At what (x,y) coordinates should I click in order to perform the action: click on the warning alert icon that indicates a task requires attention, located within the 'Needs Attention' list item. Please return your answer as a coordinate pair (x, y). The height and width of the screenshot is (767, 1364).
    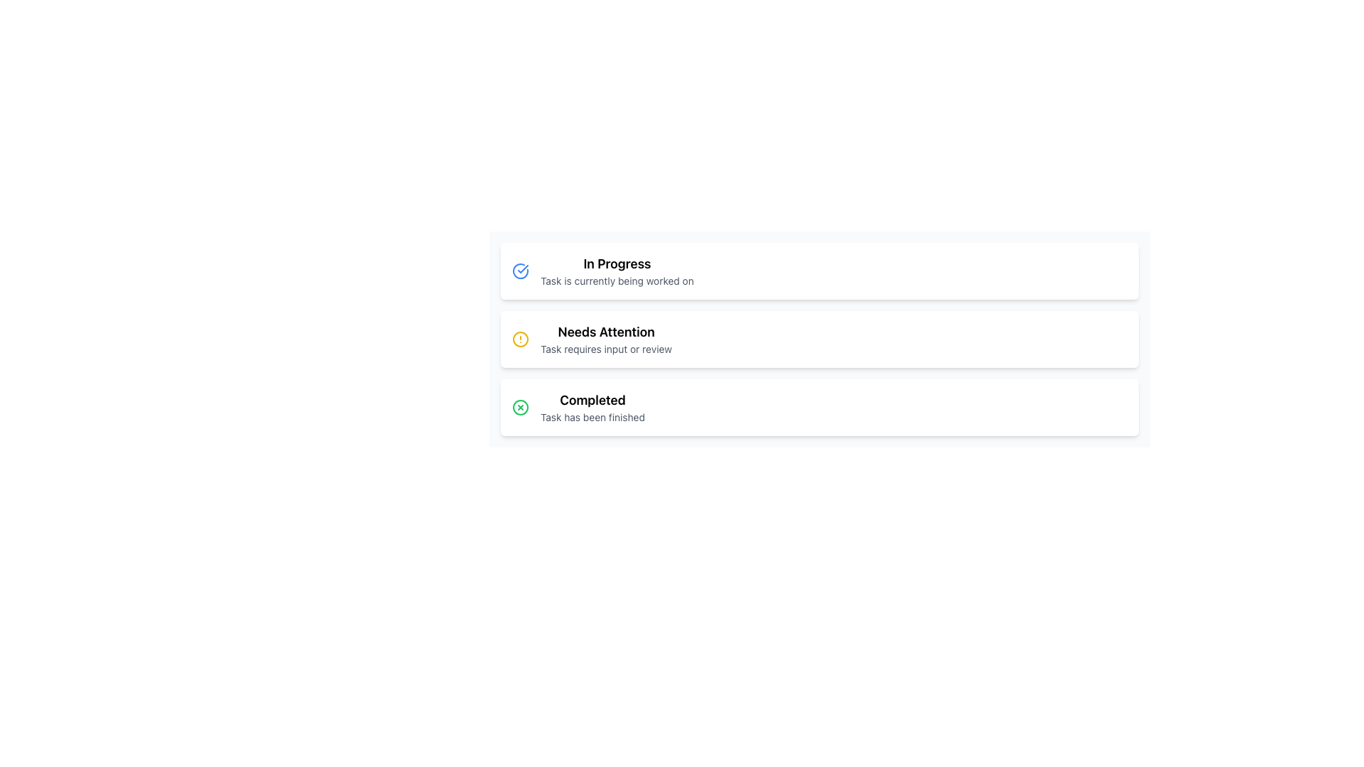
    Looking at the image, I should click on (520, 339).